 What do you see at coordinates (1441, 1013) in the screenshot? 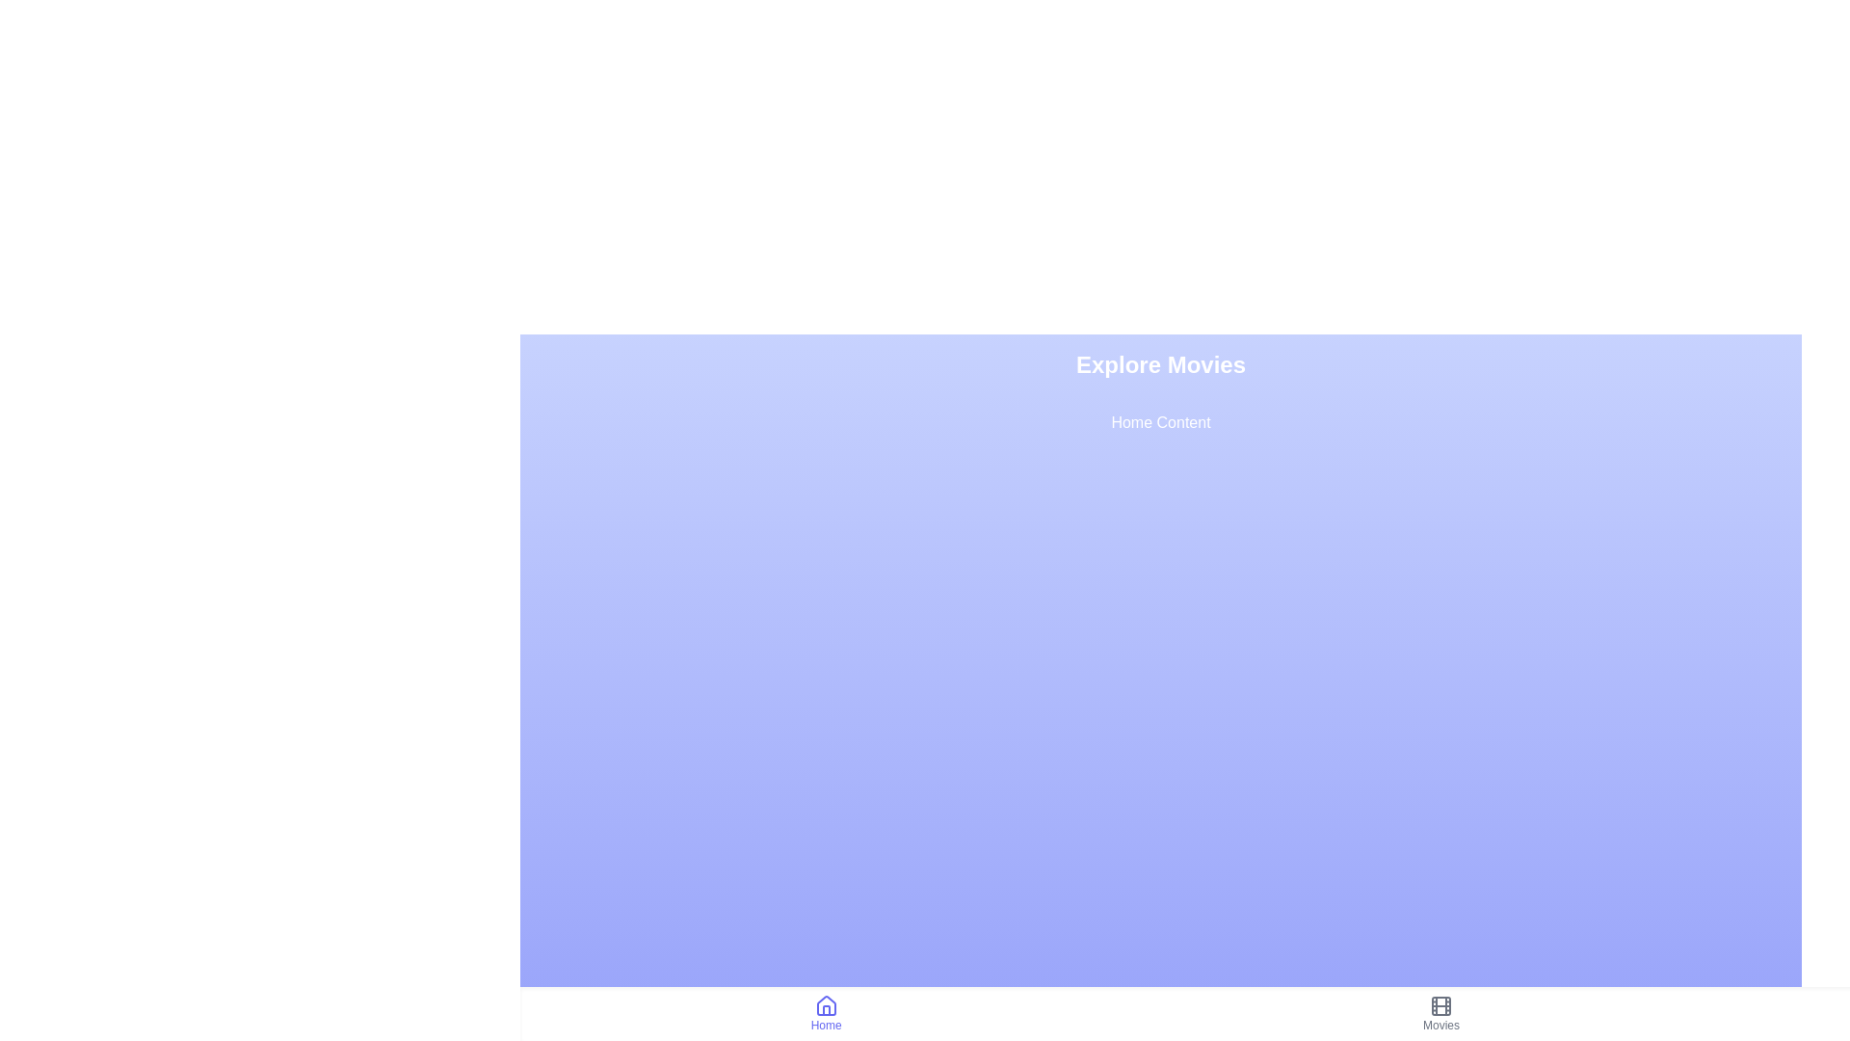
I see `the navigation button located centrally at the bottom of the interface` at bounding box center [1441, 1013].